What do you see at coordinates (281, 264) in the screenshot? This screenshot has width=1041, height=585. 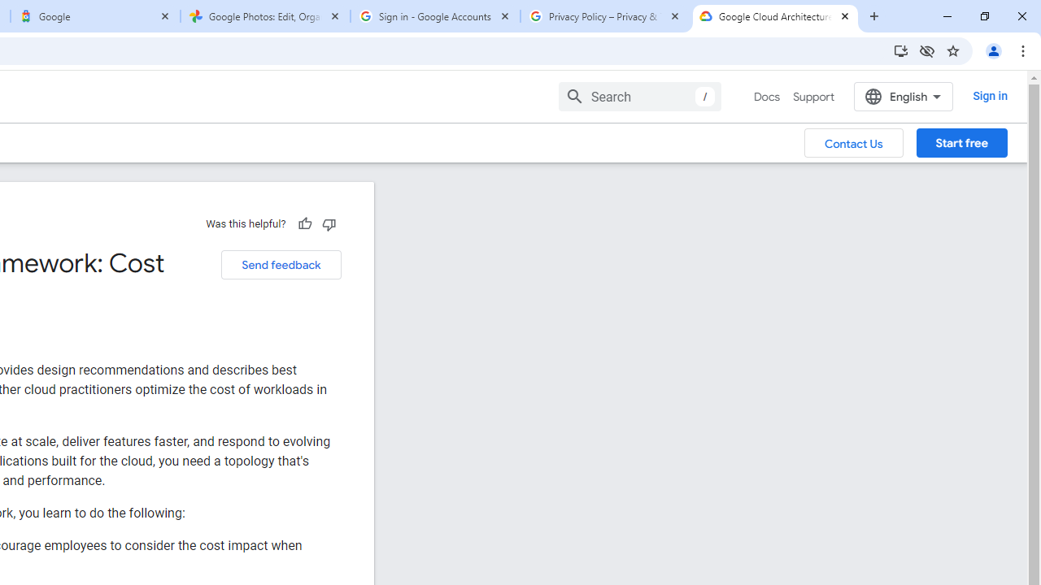 I see `'Send feedback'` at bounding box center [281, 264].